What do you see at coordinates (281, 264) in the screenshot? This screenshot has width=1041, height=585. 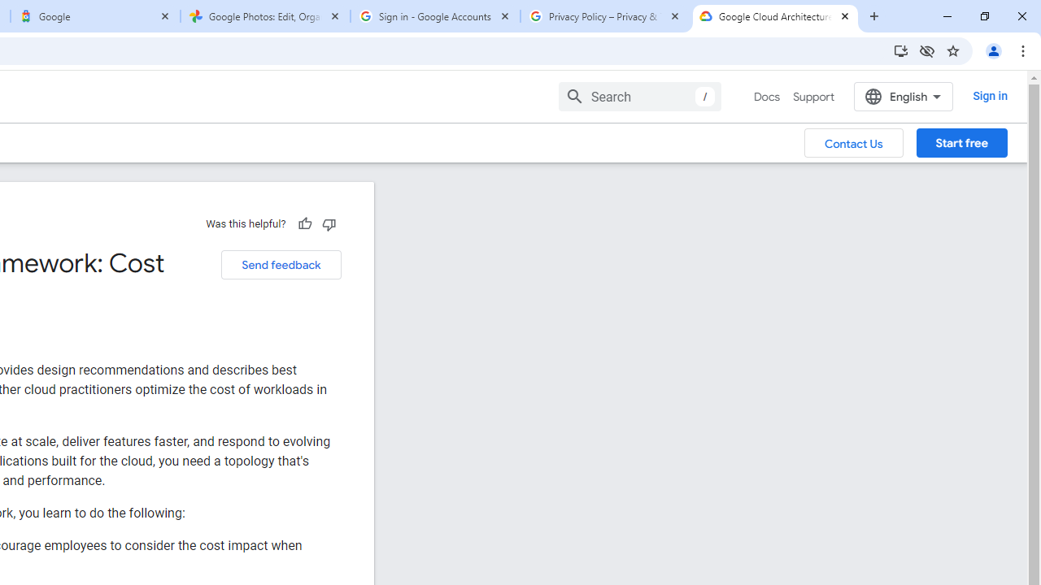 I see `'Send feedback'` at bounding box center [281, 264].